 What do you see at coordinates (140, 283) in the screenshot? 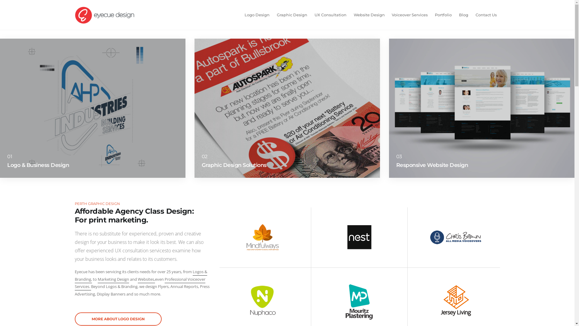
I see `'Professional Voiceover Services.'` at bounding box center [140, 283].